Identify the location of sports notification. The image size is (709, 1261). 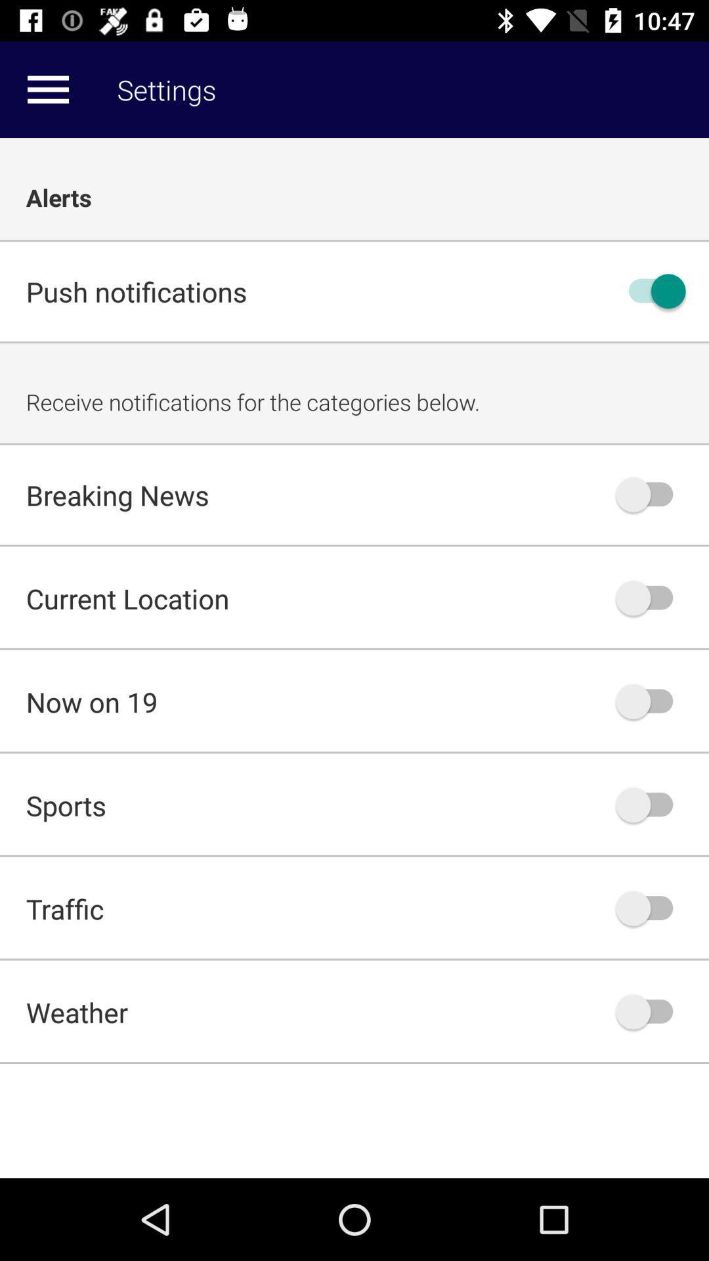
(651, 804).